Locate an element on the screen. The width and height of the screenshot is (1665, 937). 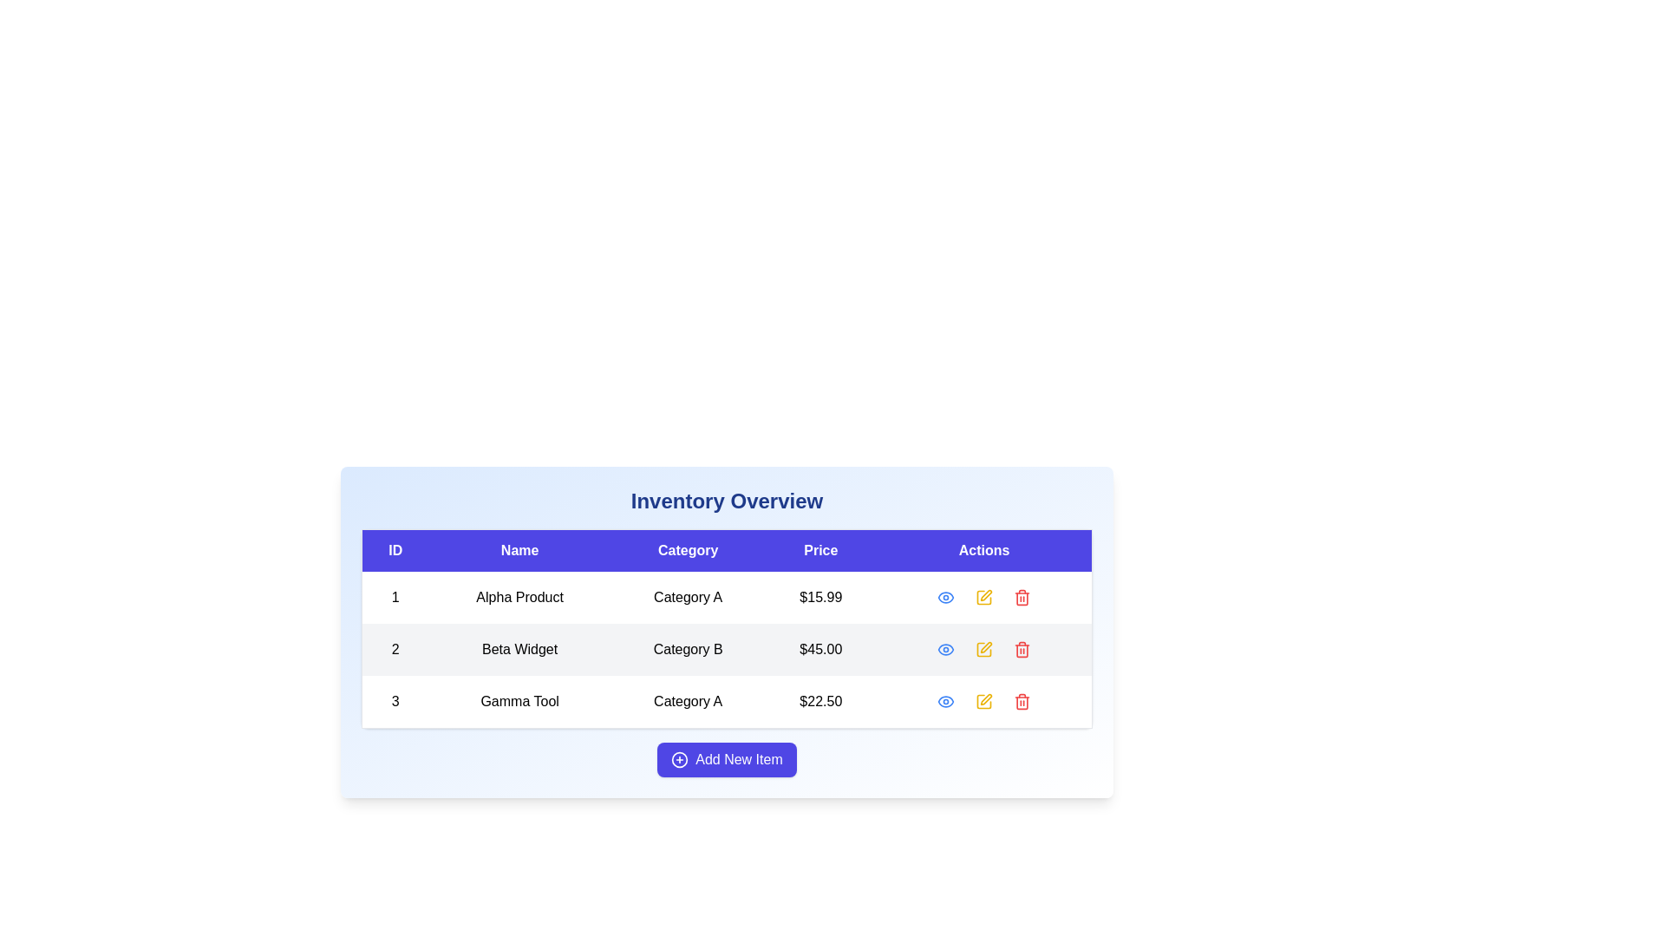
the pencil icon button outlined in black located in the 'Actions' column of the third row in the table to initiate editing is located at coordinates (984, 701).